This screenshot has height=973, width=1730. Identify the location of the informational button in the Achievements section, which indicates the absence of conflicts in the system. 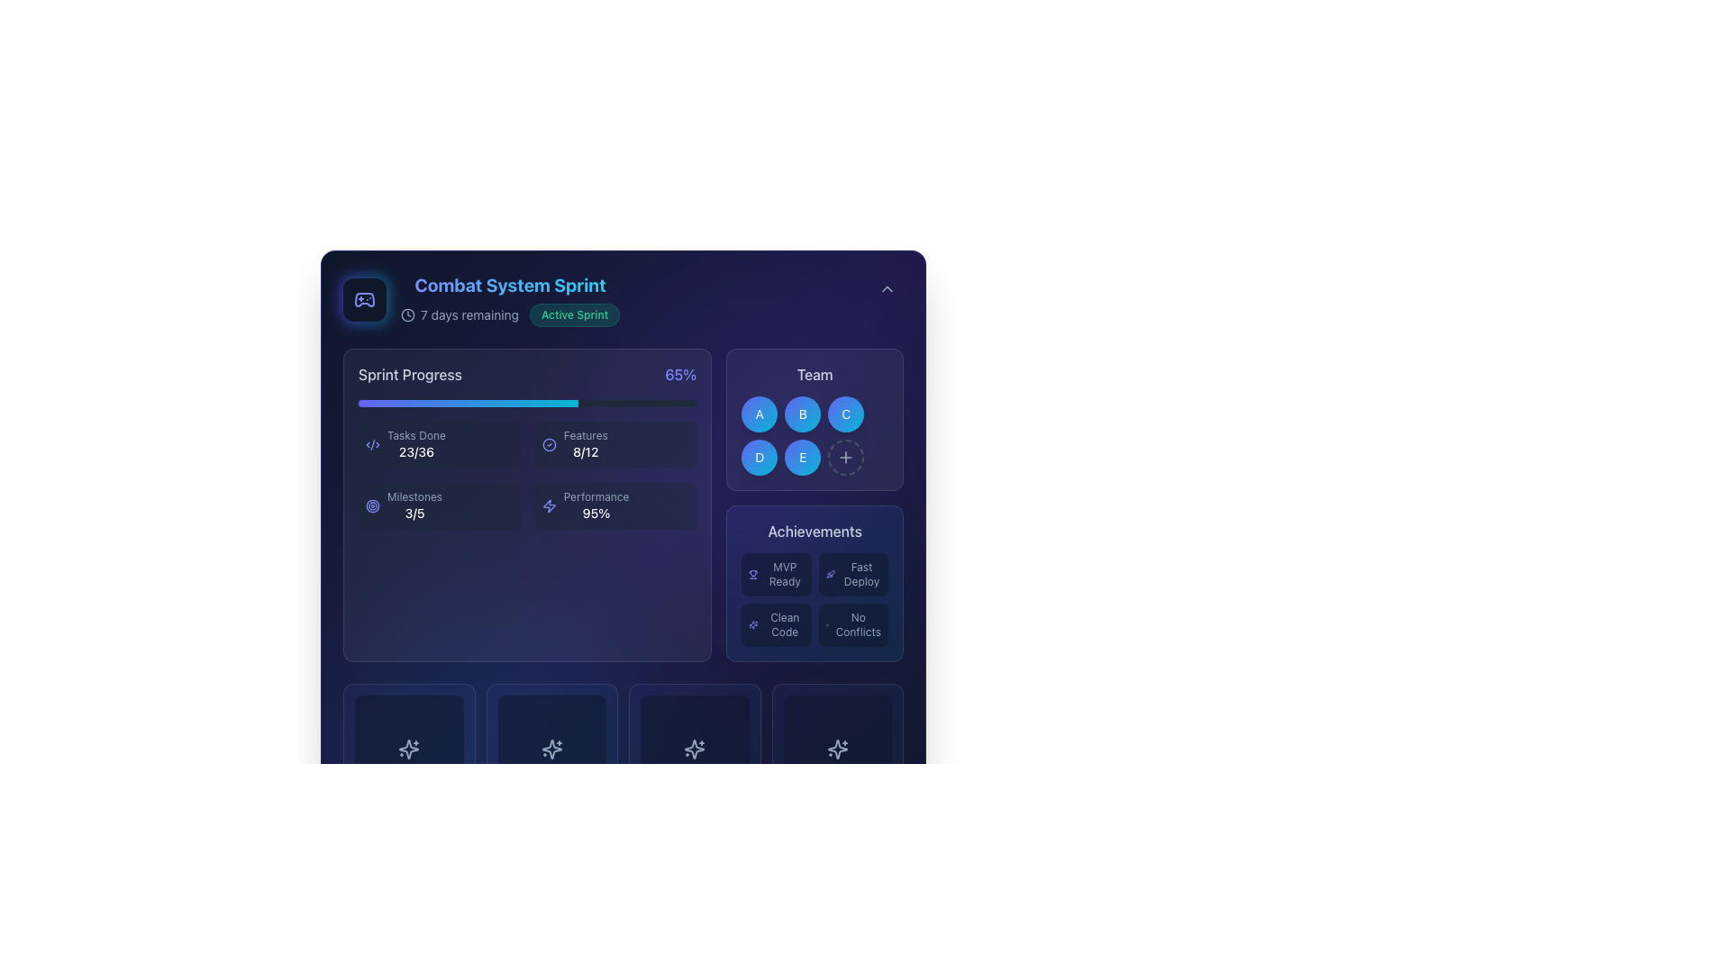
(852, 624).